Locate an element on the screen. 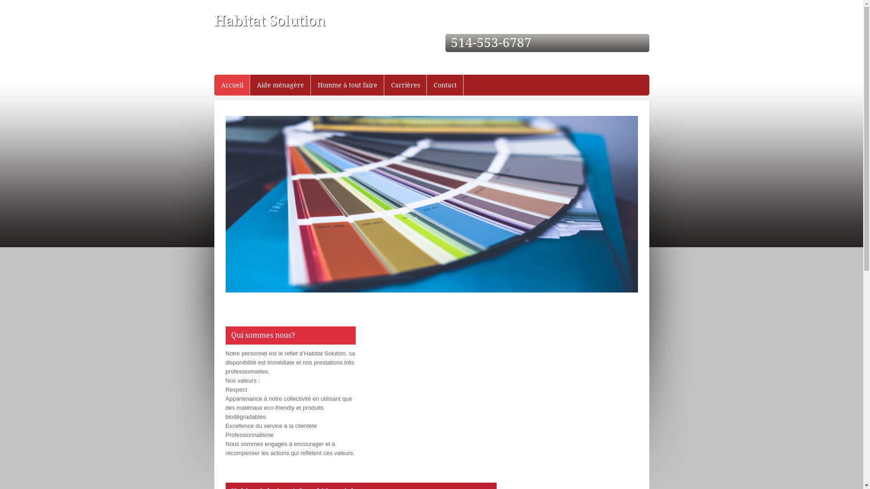 This screenshot has width=870, height=489. 'Habitat Solution' is located at coordinates (269, 20).